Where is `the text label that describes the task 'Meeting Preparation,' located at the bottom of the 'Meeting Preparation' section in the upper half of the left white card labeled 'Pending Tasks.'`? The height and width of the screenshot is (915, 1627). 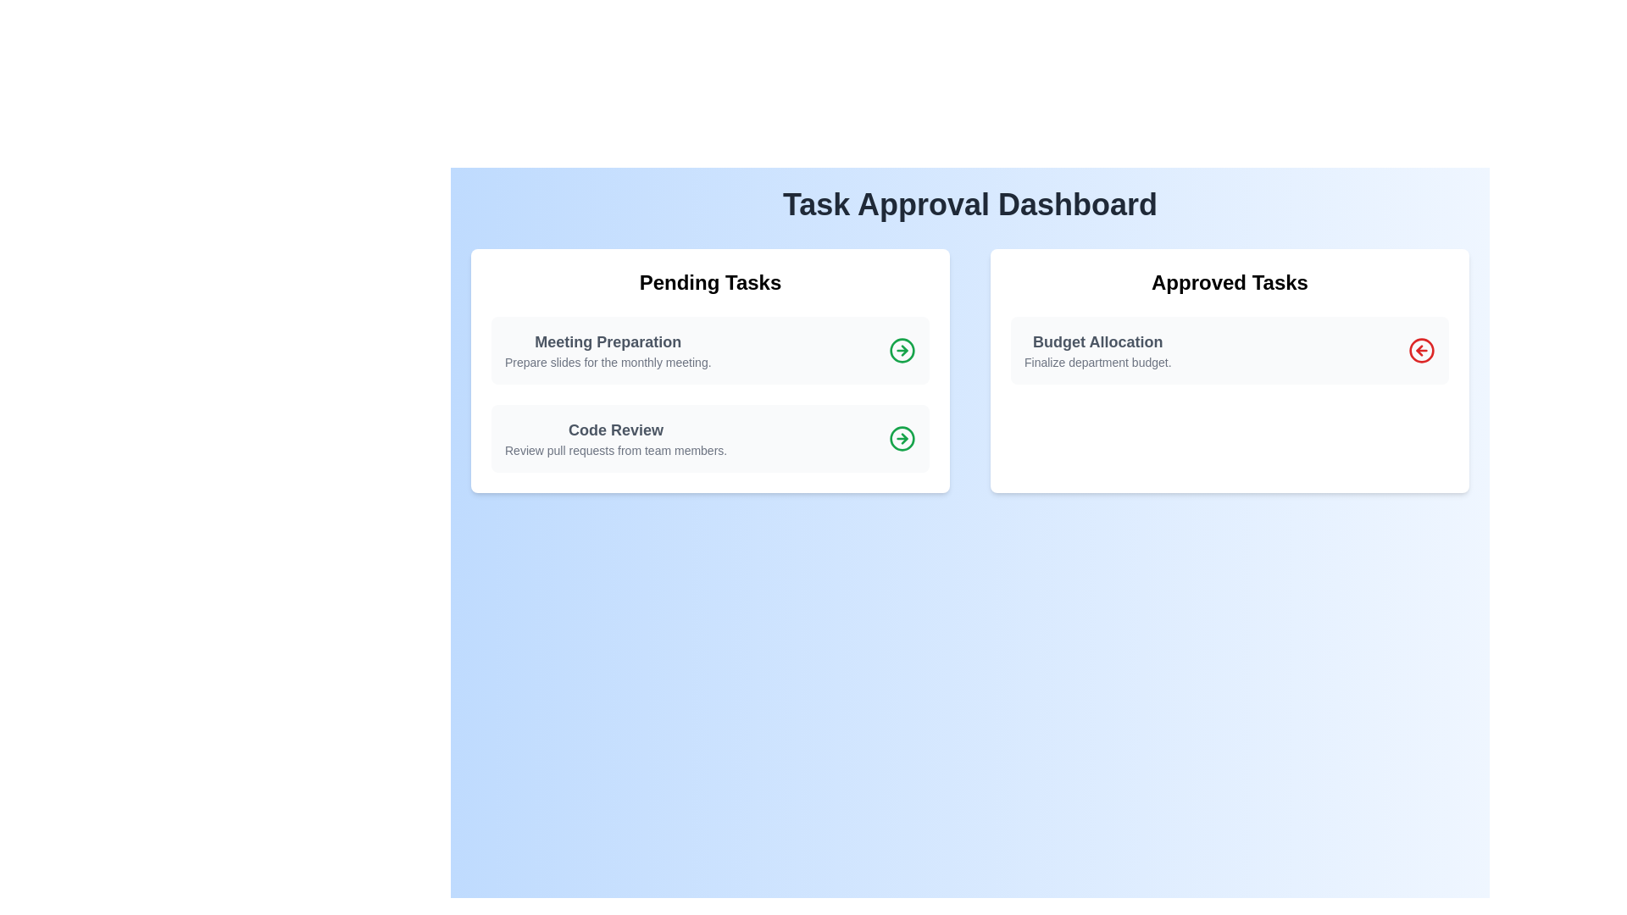
the text label that describes the task 'Meeting Preparation,' located at the bottom of the 'Meeting Preparation' section in the upper half of the left white card labeled 'Pending Tasks.' is located at coordinates (608, 362).